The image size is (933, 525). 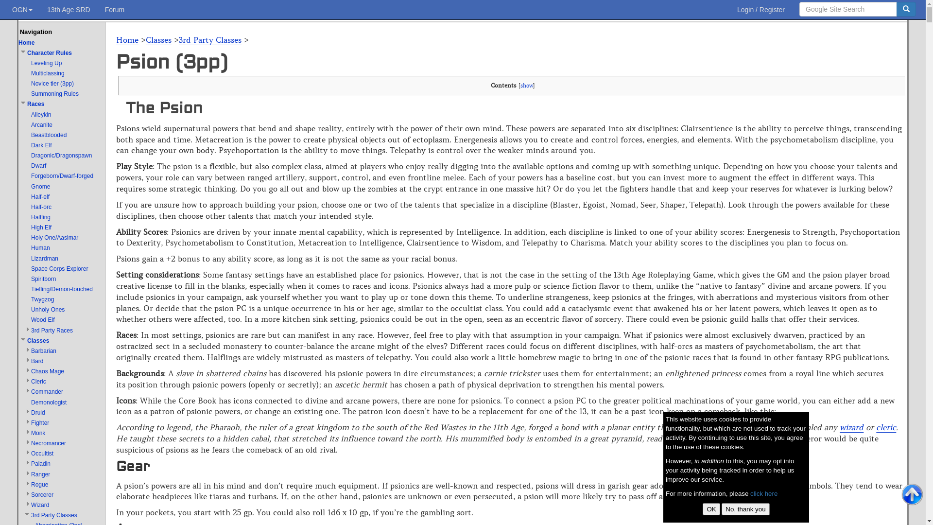 What do you see at coordinates (38, 433) in the screenshot?
I see `'Monk'` at bounding box center [38, 433].